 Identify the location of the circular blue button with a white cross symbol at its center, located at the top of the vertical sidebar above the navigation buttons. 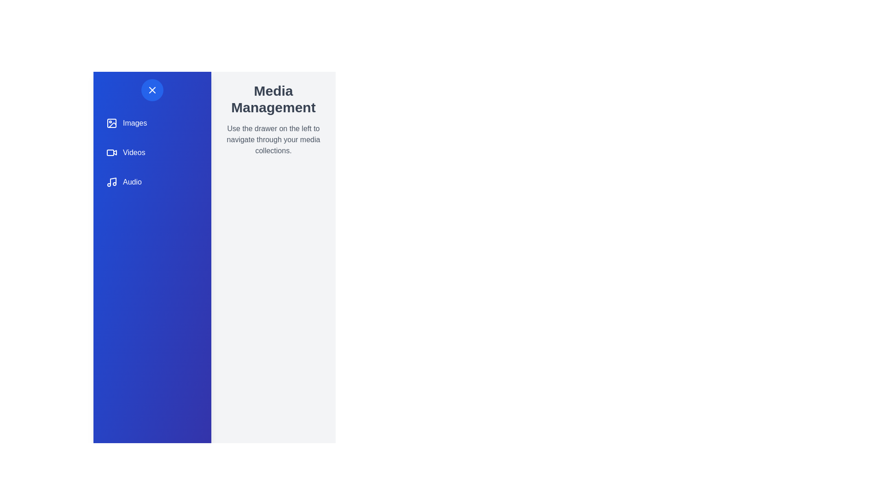
(152, 90).